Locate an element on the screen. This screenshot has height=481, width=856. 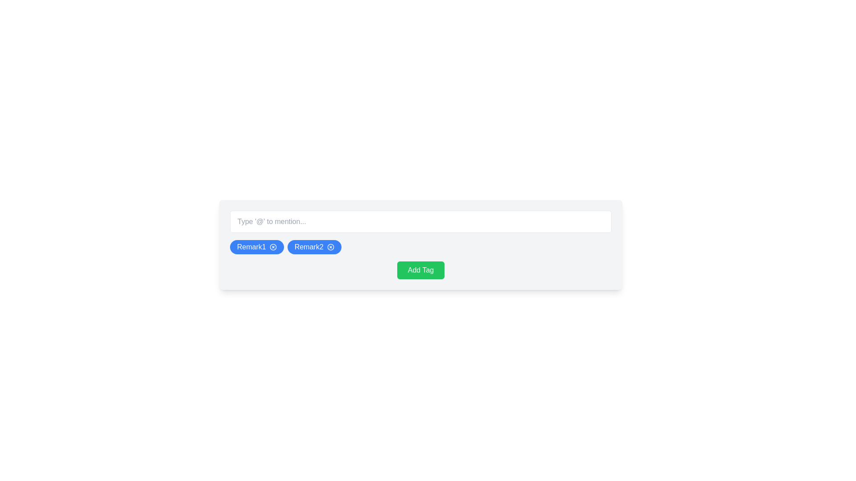
the first button with an embedded icon on the left side of the horizontal row is located at coordinates (256, 247).